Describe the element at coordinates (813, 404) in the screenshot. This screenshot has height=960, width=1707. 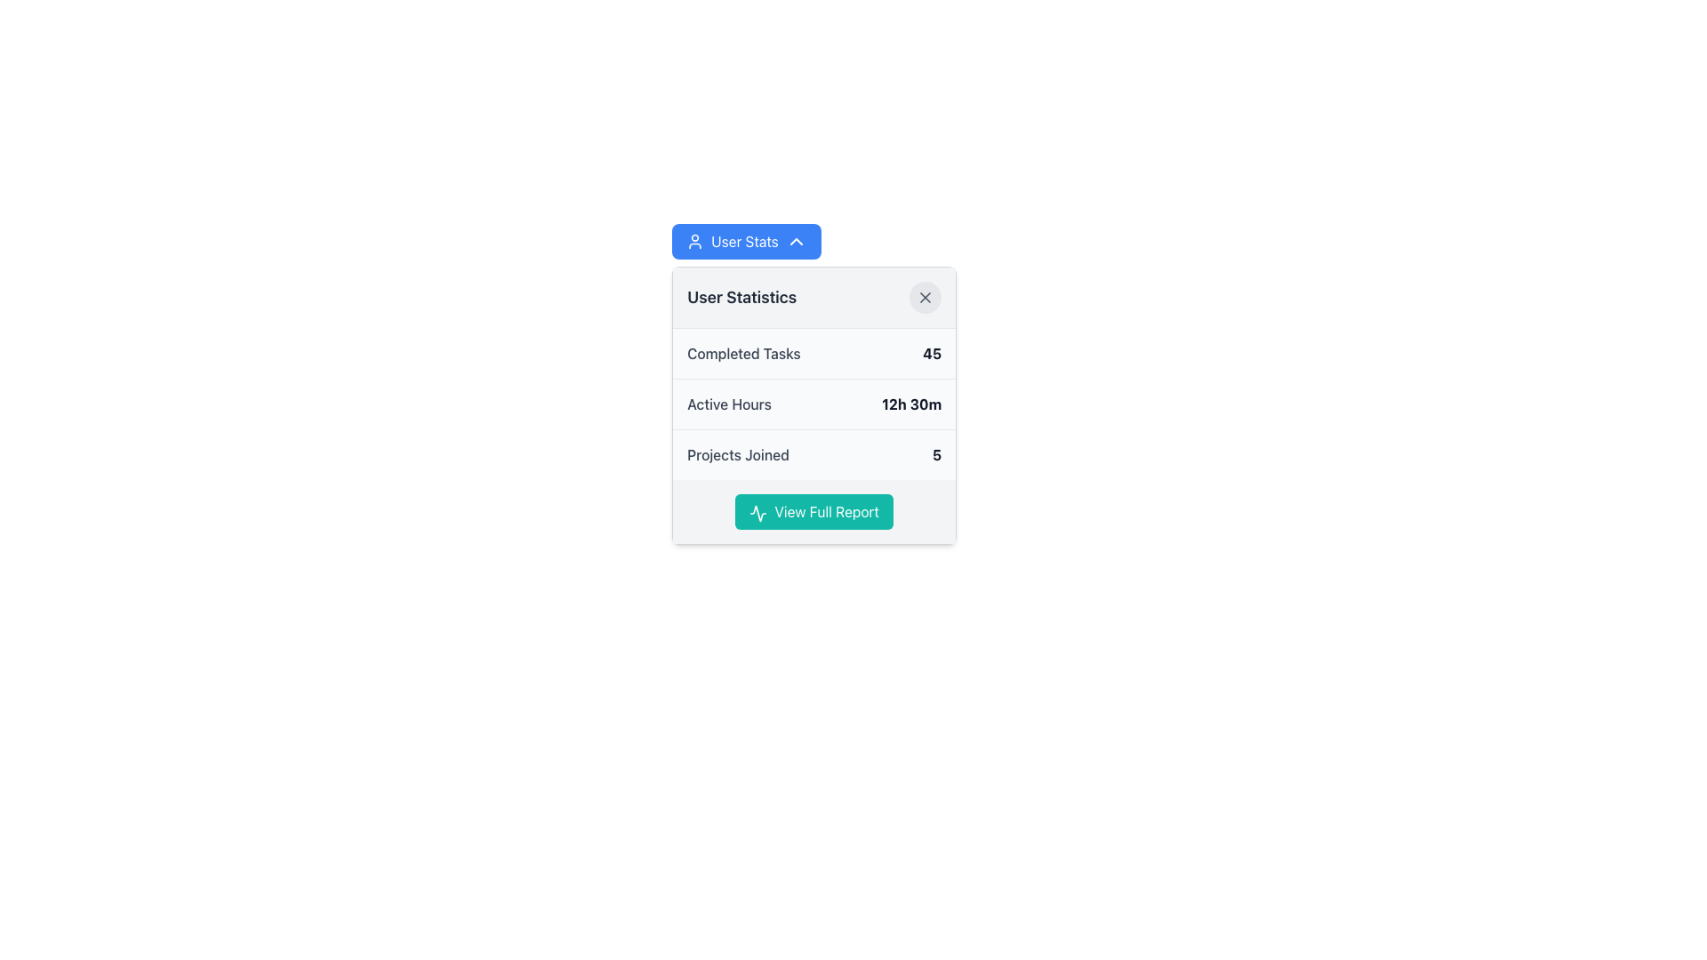
I see `displayed information from the Metric Display that shows 'Active Hours' and '12h 30m', located in the User Statistics section` at that location.